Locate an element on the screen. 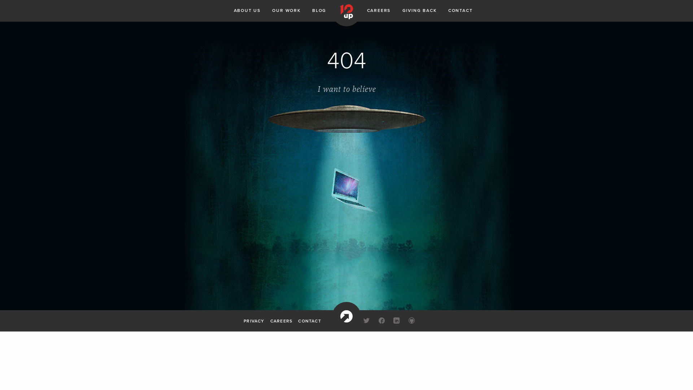 Image resolution: width=693 pixels, height=390 pixels. 'CAREERS' is located at coordinates (379, 10).